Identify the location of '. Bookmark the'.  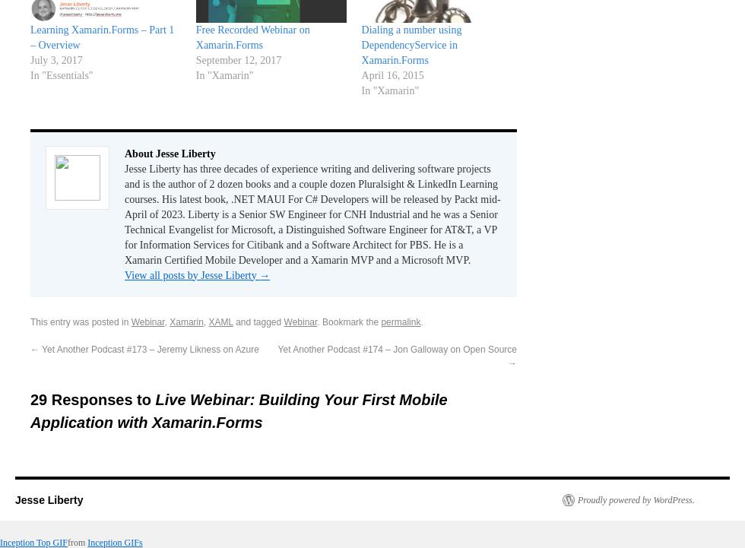
(349, 322).